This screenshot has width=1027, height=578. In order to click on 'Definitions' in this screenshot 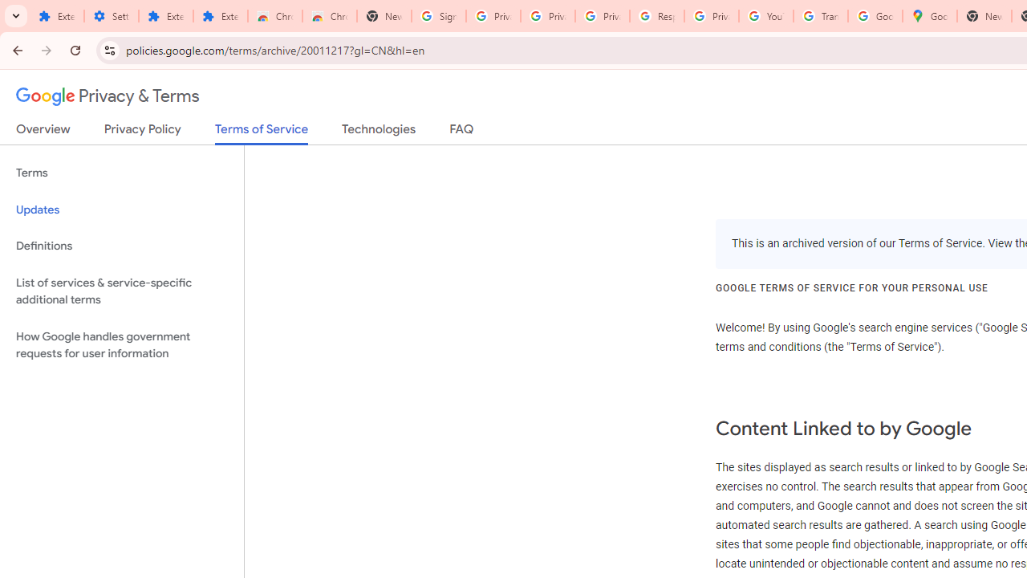, I will do `click(121, 246)`.